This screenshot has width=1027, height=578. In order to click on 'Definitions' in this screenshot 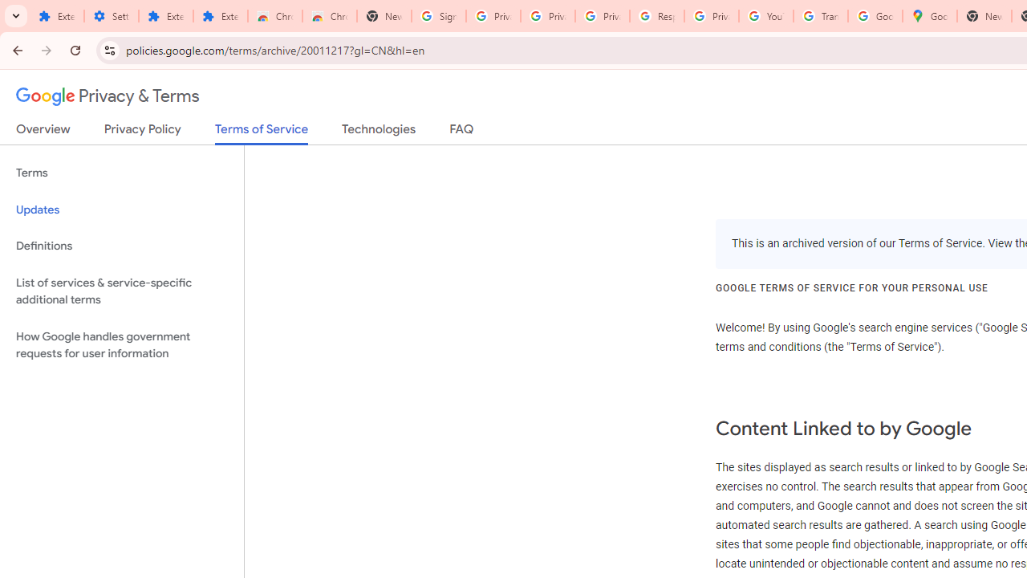, I will do `click(121, 246)`.